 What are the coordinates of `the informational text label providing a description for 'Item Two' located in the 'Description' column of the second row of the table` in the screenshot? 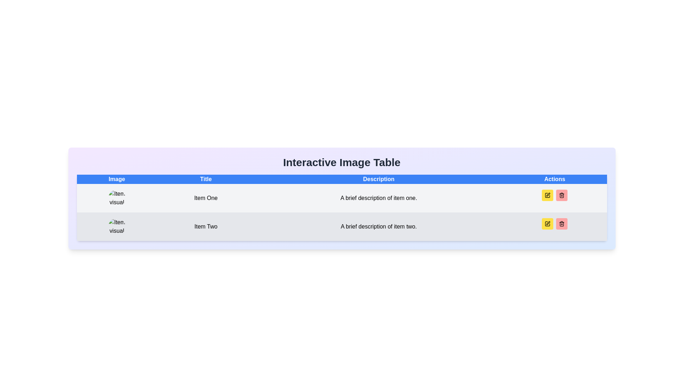 It's located at (378, 227).